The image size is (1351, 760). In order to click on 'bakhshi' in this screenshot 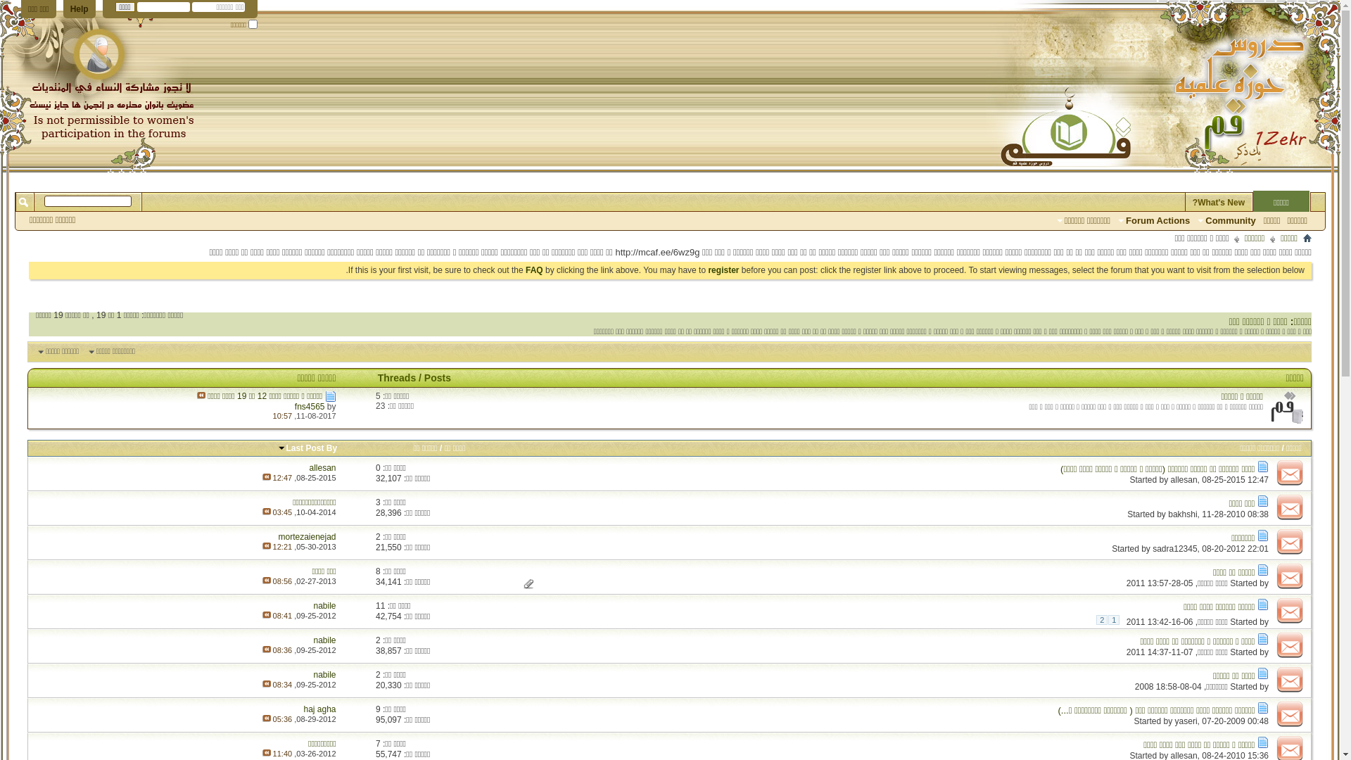, I will do `click(1182, 514)`.